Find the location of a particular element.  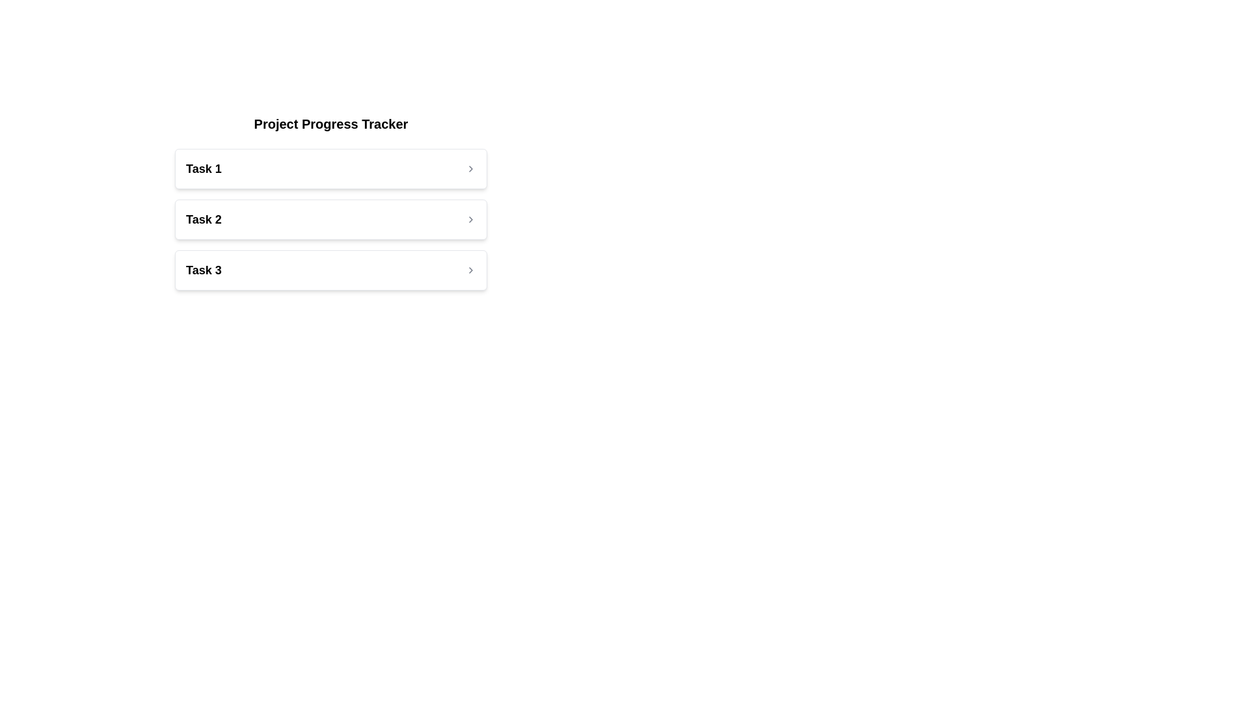

the navigational icon that expands 'Task 1' is located at coordinates (470, 168).